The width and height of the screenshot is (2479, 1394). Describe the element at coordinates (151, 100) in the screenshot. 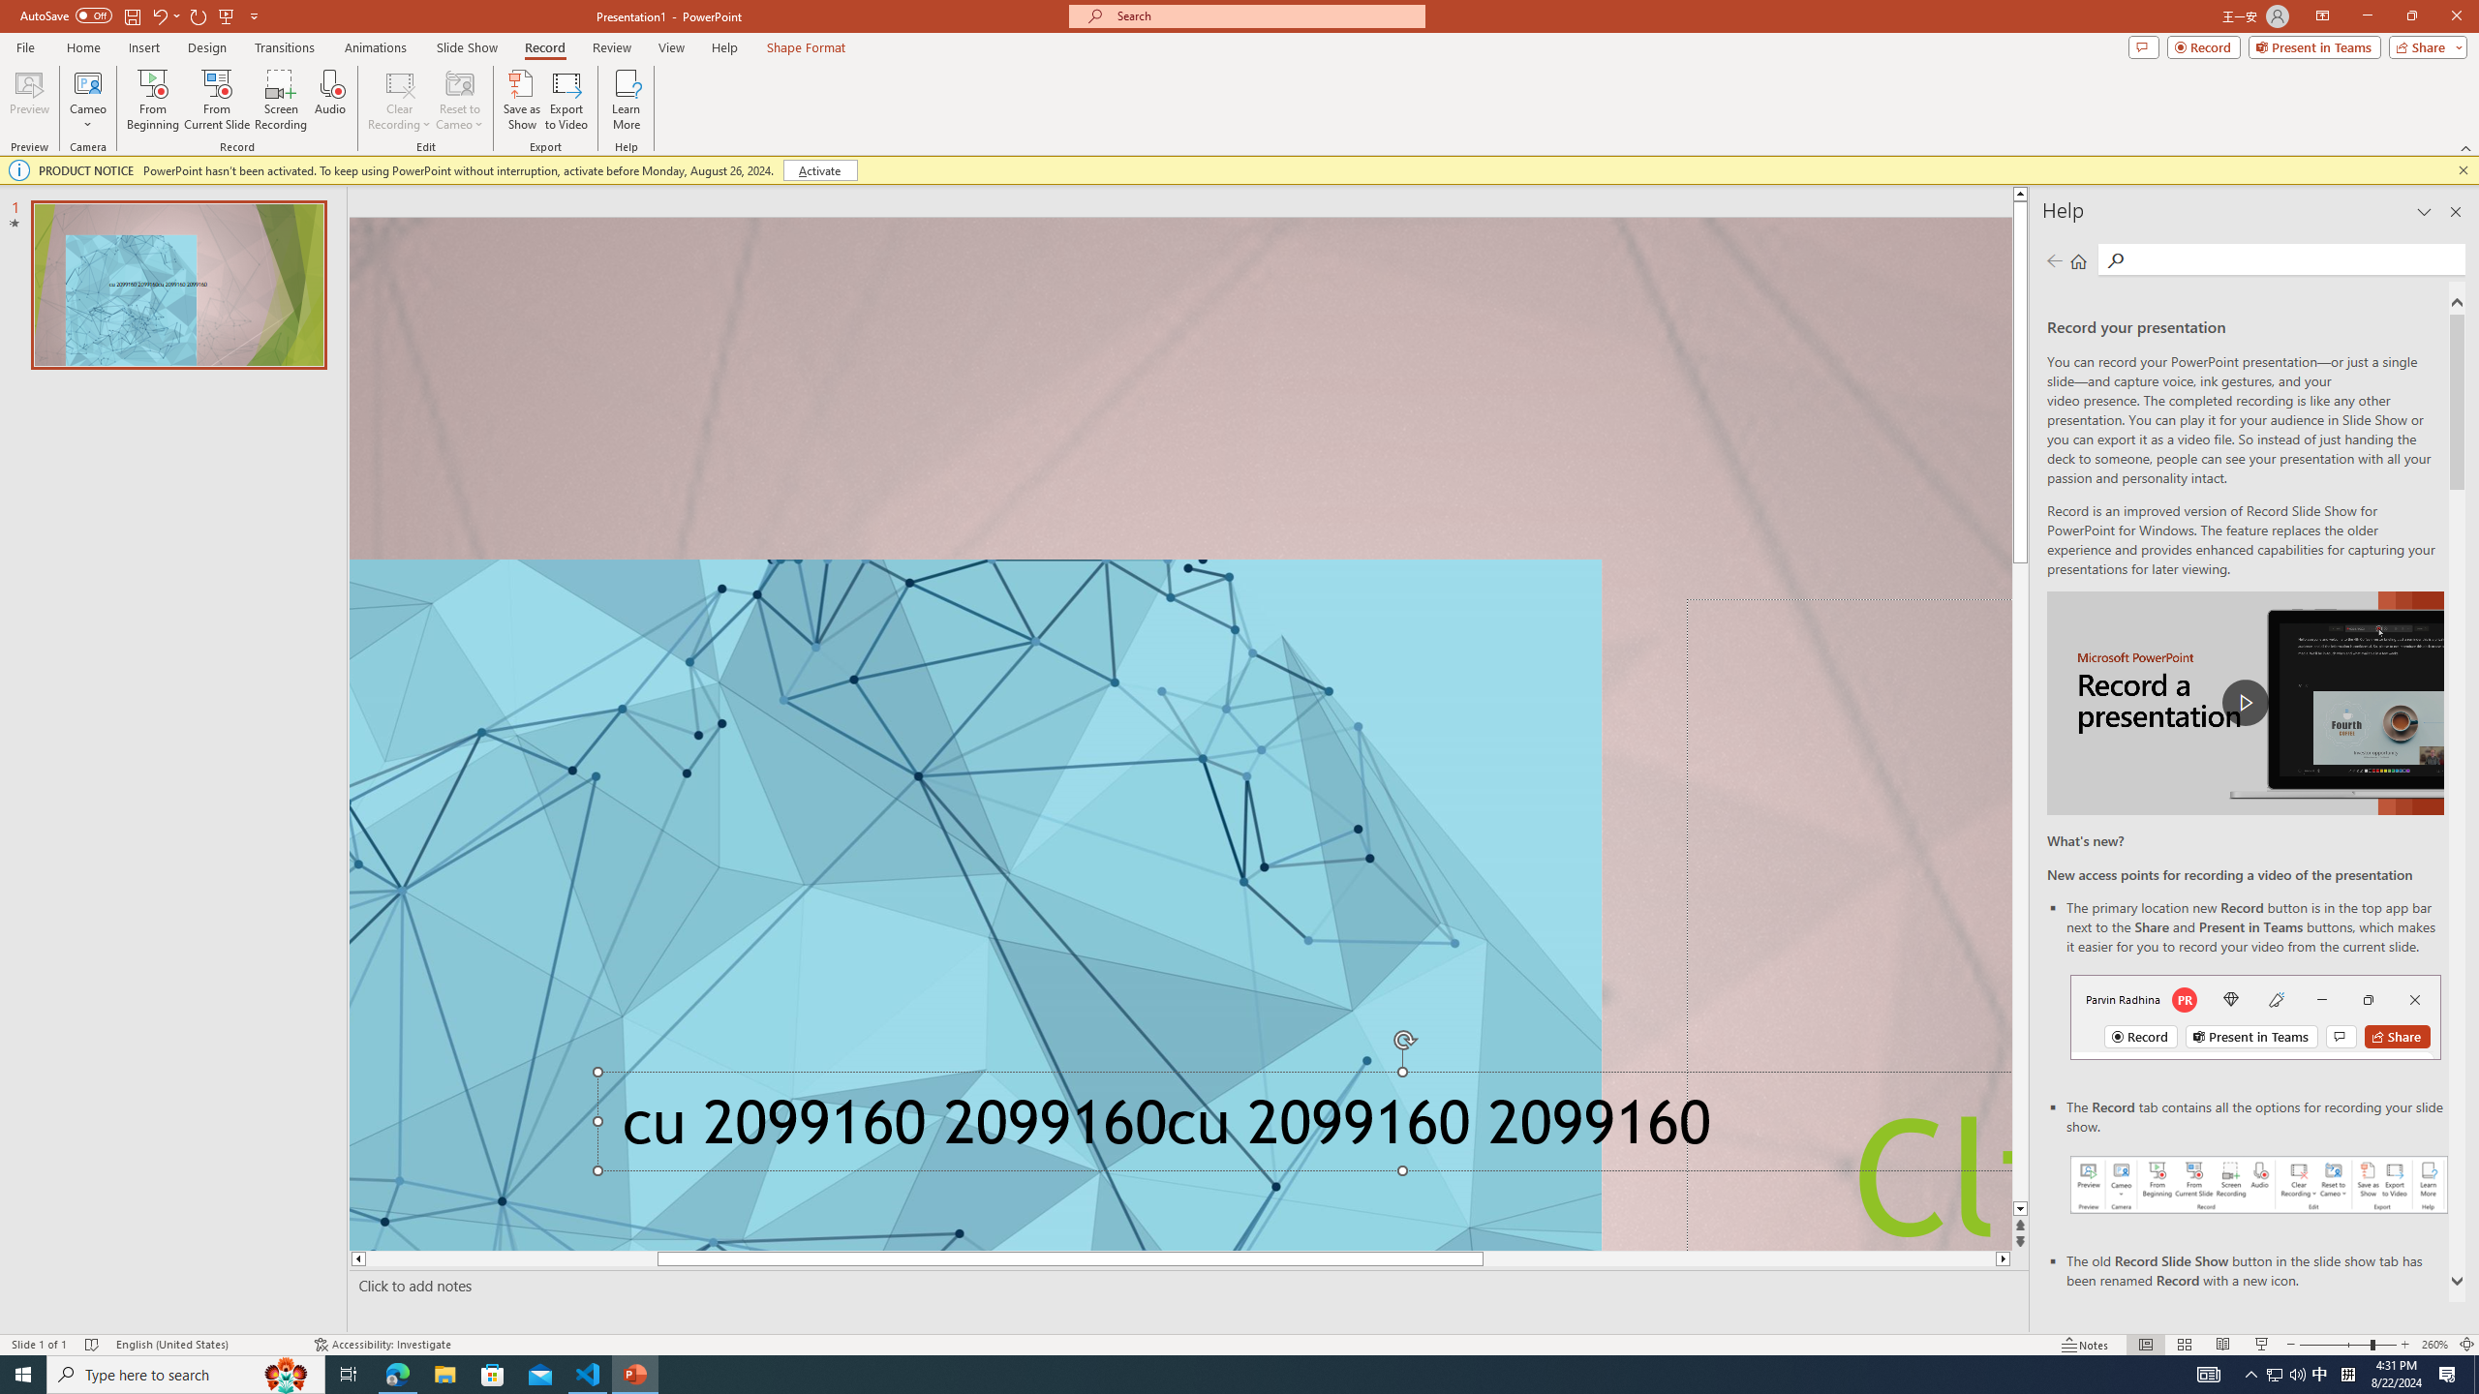

I see `'From Beginning...'` at that location.